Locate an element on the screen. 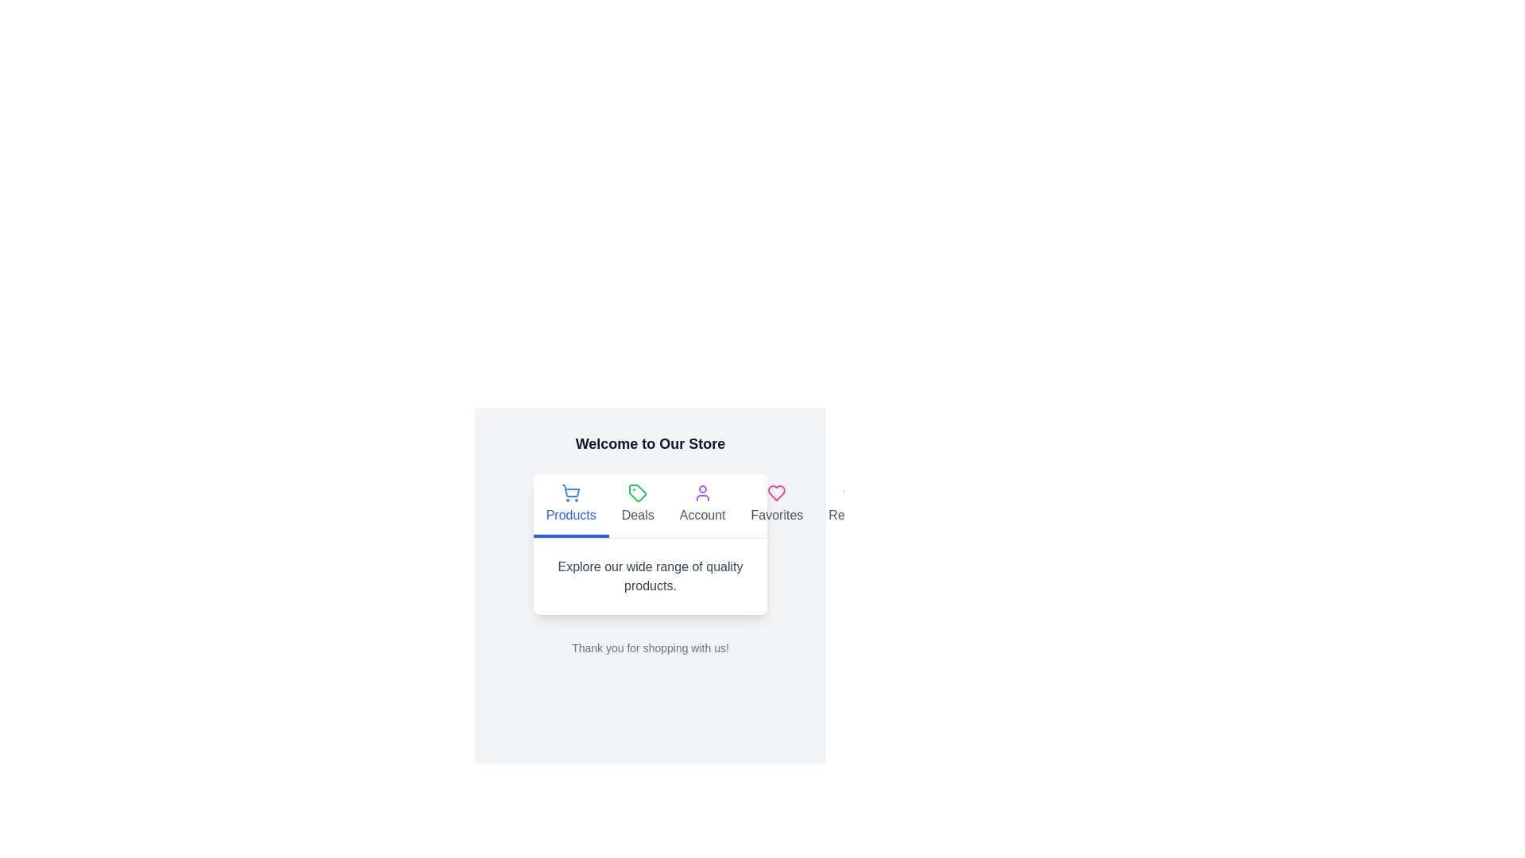  the Text Label in the navigation bar that serves as a link to promotional offers or discounts is located at coordinates (638, 515).